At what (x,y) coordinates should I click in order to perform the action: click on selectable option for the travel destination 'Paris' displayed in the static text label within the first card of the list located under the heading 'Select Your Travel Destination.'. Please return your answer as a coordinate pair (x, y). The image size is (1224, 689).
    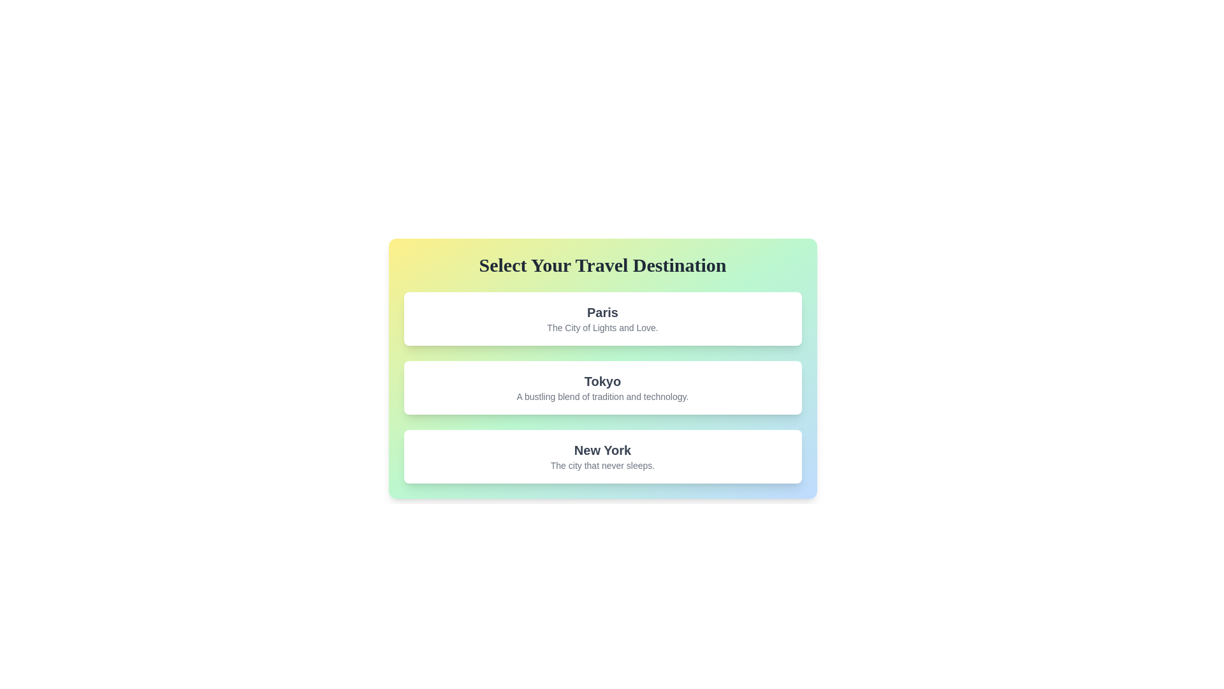
    Looking at the image, I should click on (602, 318).